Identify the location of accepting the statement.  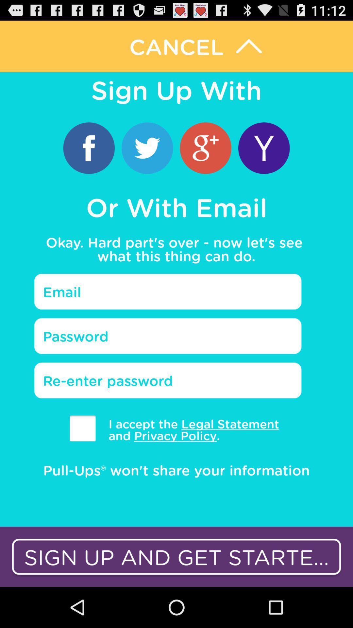
(82, 428).